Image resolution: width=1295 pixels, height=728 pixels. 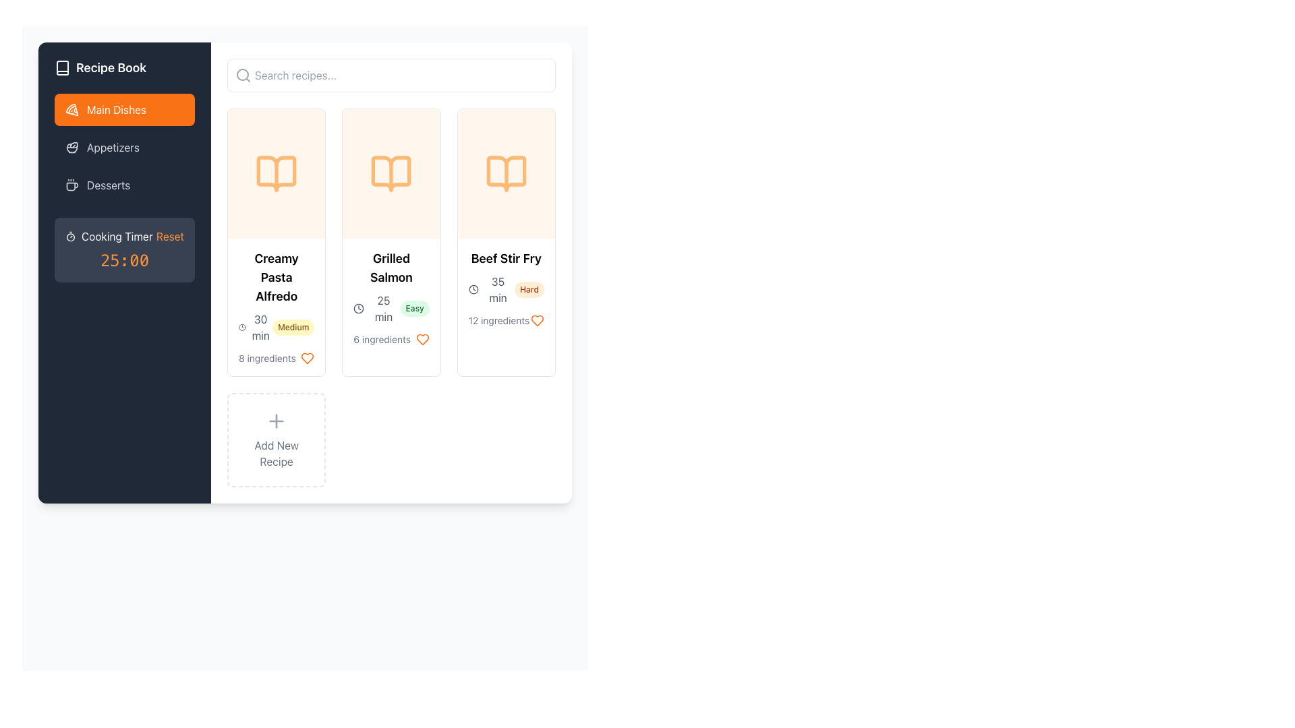 I want to click on the button-like component for adding a new recipe, which is located in the fourth slot of the grid layout, so click(x=276, y=439).